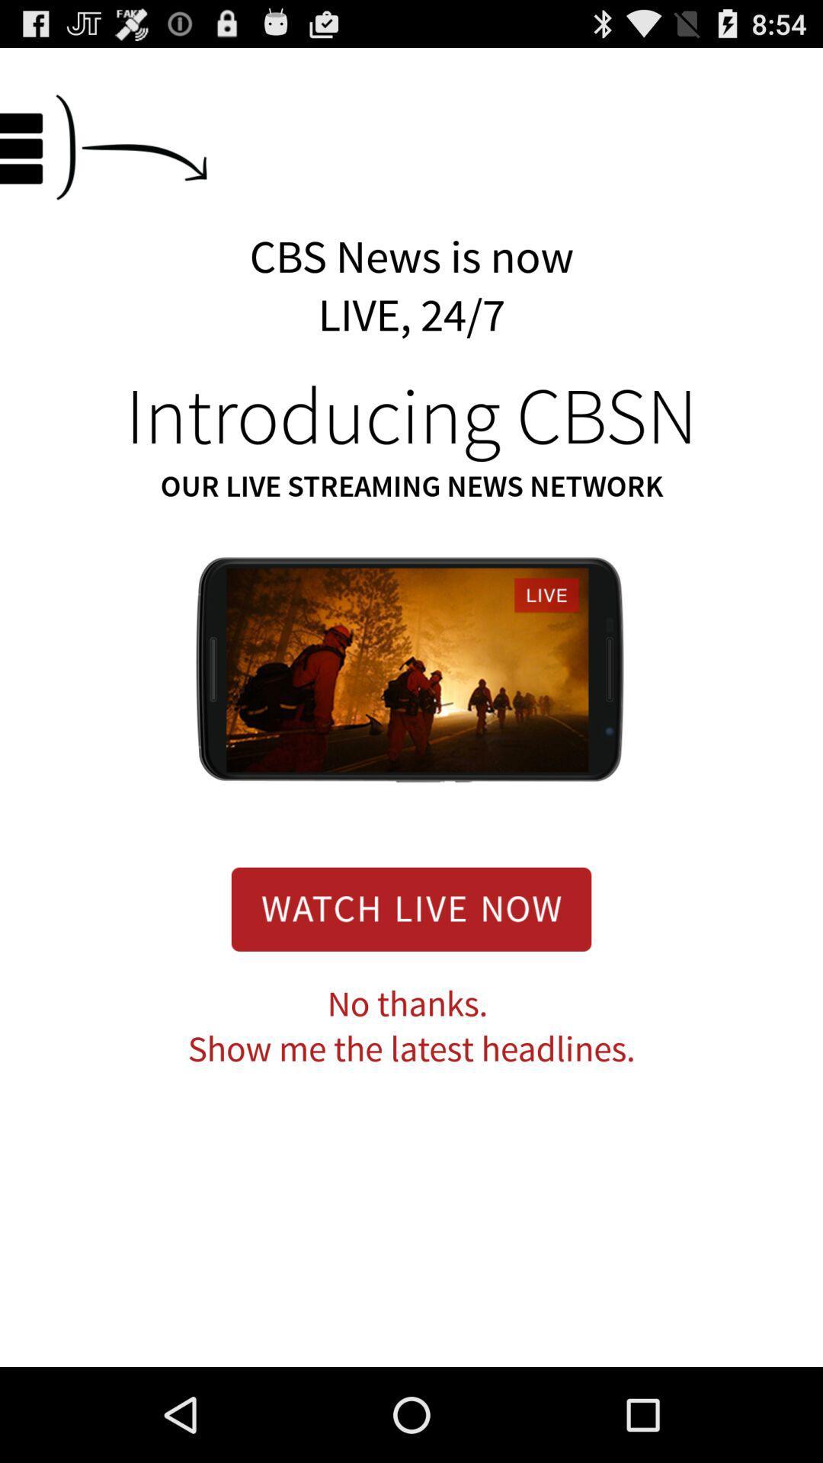  I want to click on because back devicer, so click(411, 909).